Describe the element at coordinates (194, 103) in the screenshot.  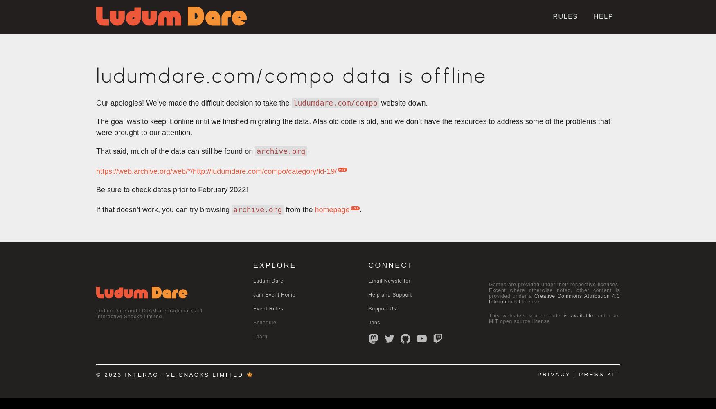
I see `'Our apologies! We’ve made the difficult decision to take the'` at that location.